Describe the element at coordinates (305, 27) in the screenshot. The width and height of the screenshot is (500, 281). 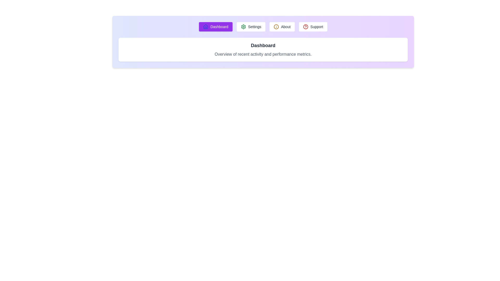
I see `the icon associated with the Support tab` at that location.